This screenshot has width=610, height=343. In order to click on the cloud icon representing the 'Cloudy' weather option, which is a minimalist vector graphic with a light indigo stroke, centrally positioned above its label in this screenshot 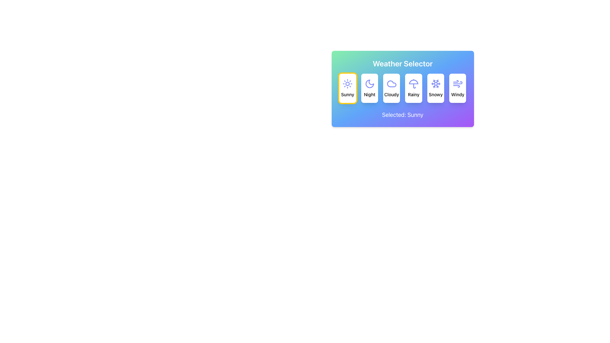, I will do `click(391, 83)`.